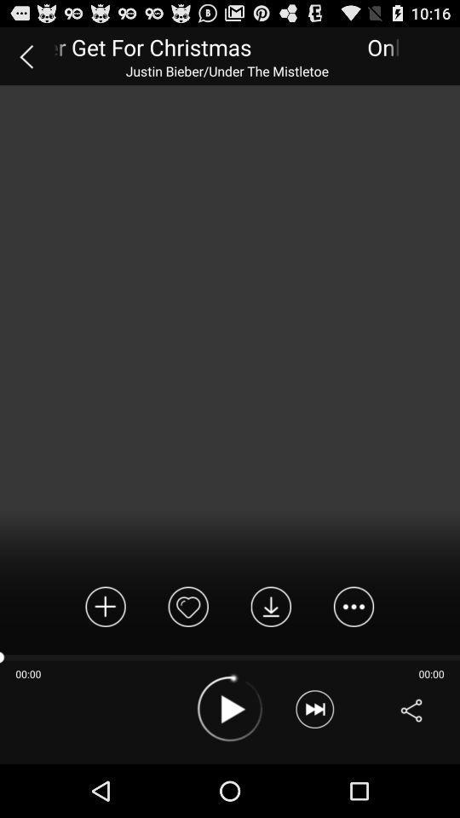  What do you see at coordinates (187, 648) in the screenshot?
I see `the favorite icon` at bounding box center [187, 648].